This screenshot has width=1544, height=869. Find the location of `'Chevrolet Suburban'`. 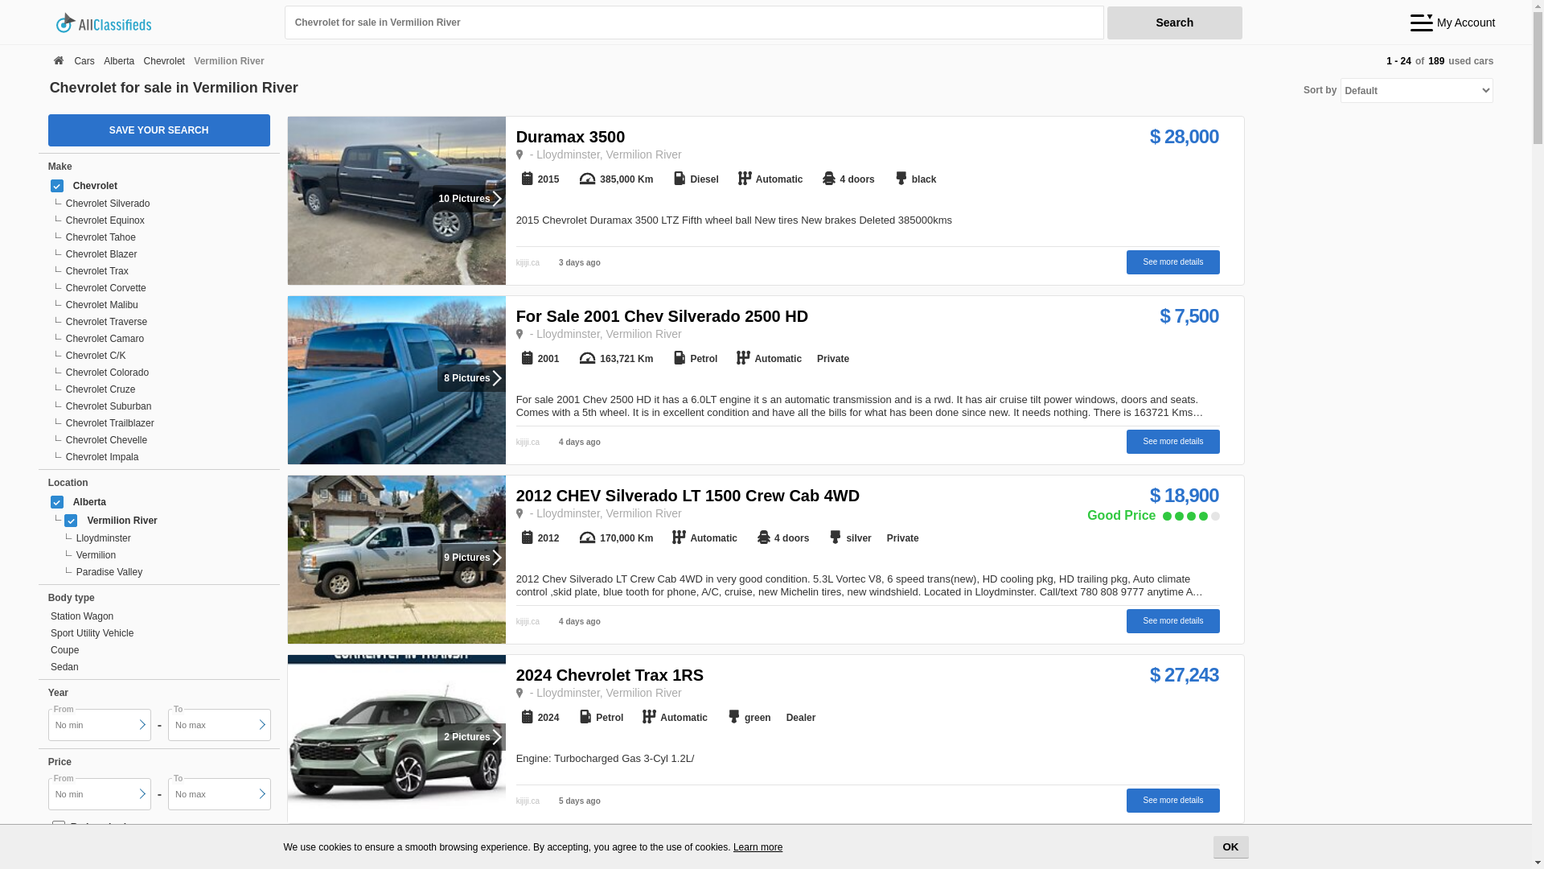

'Chevrolet Suburban' is located at coordinates (162, 406).